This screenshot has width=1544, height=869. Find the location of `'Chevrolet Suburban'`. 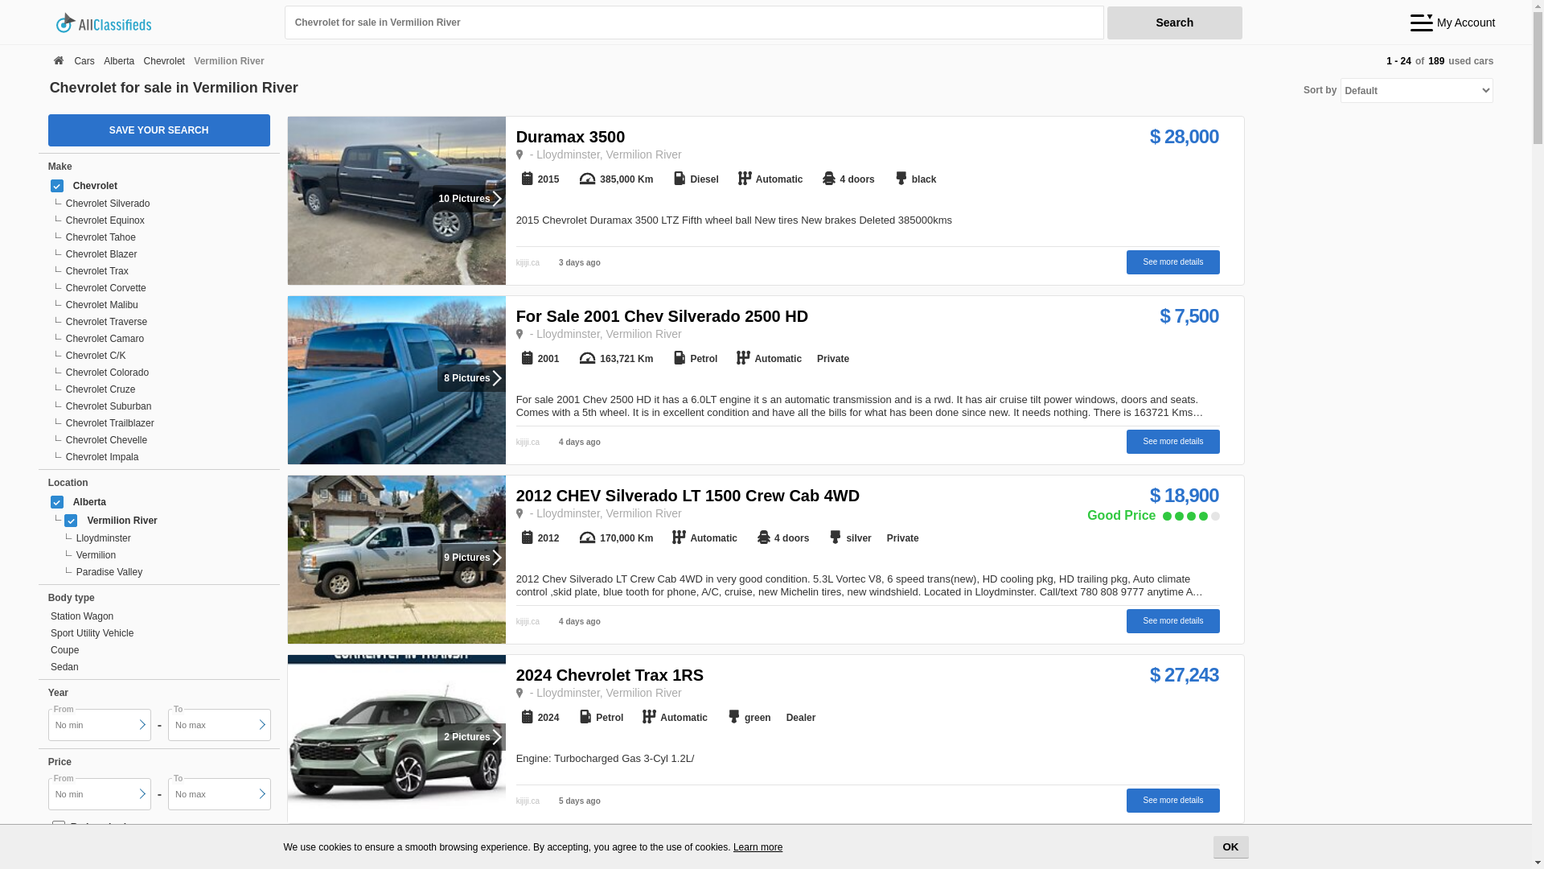

'Chevrolet Suburban' is located at coordinates (162, 406).